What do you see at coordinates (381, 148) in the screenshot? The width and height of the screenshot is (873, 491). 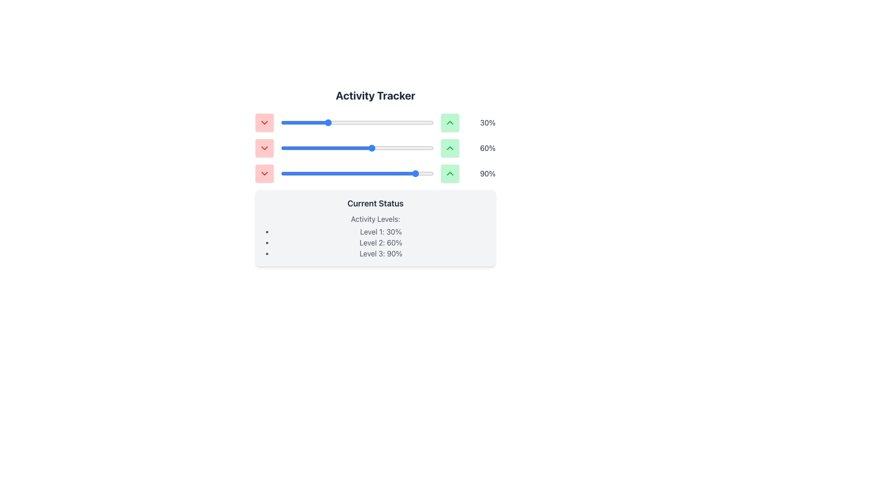 I see `the slider value` at bounding box center [381, 148].